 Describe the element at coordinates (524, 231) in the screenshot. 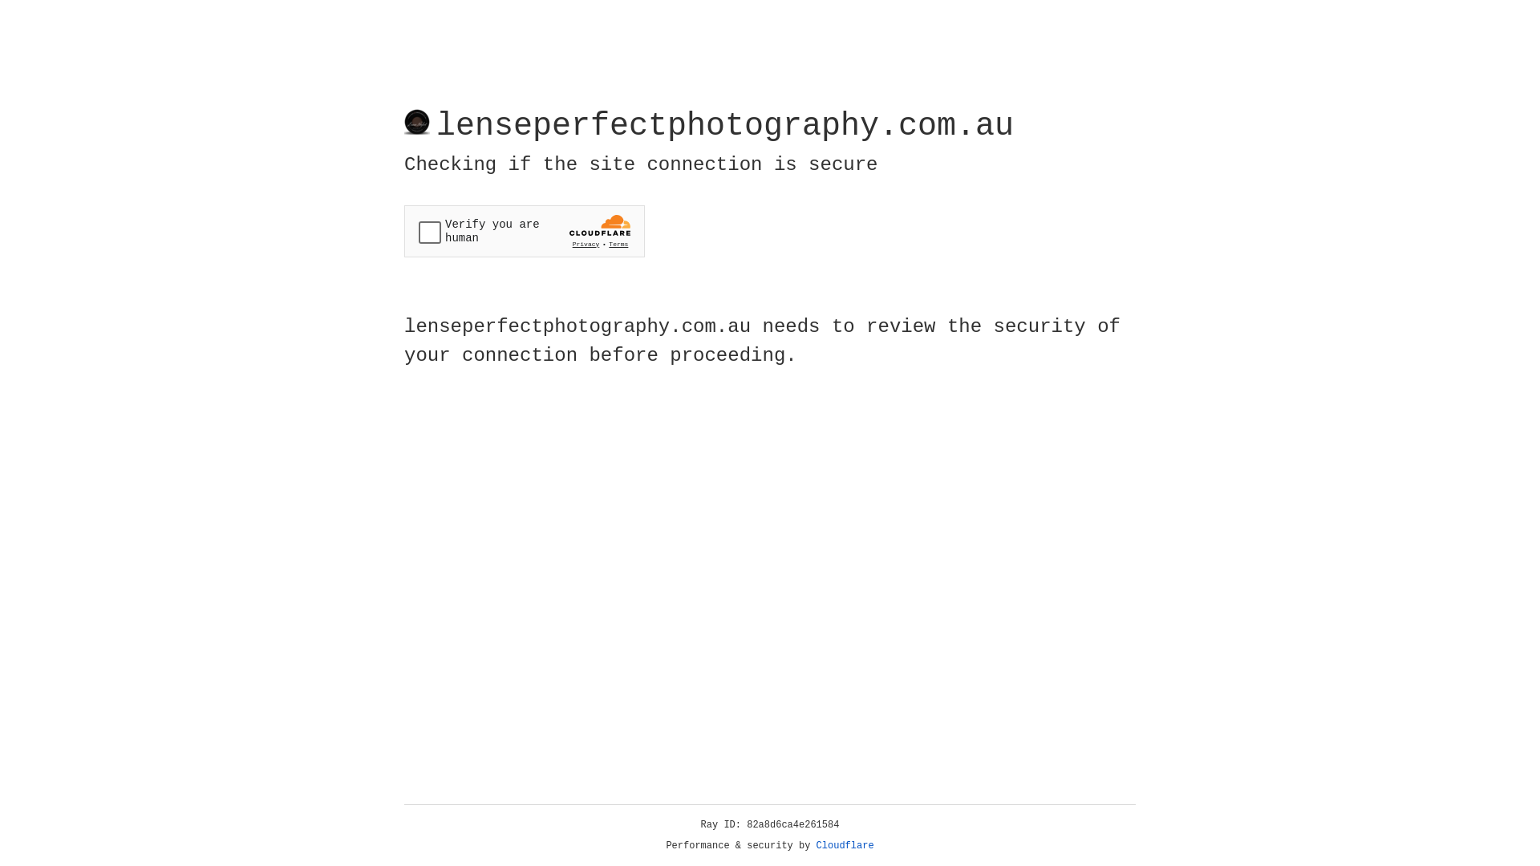

I see `'Widget containing a Cloudflare security challenge'` at that location.